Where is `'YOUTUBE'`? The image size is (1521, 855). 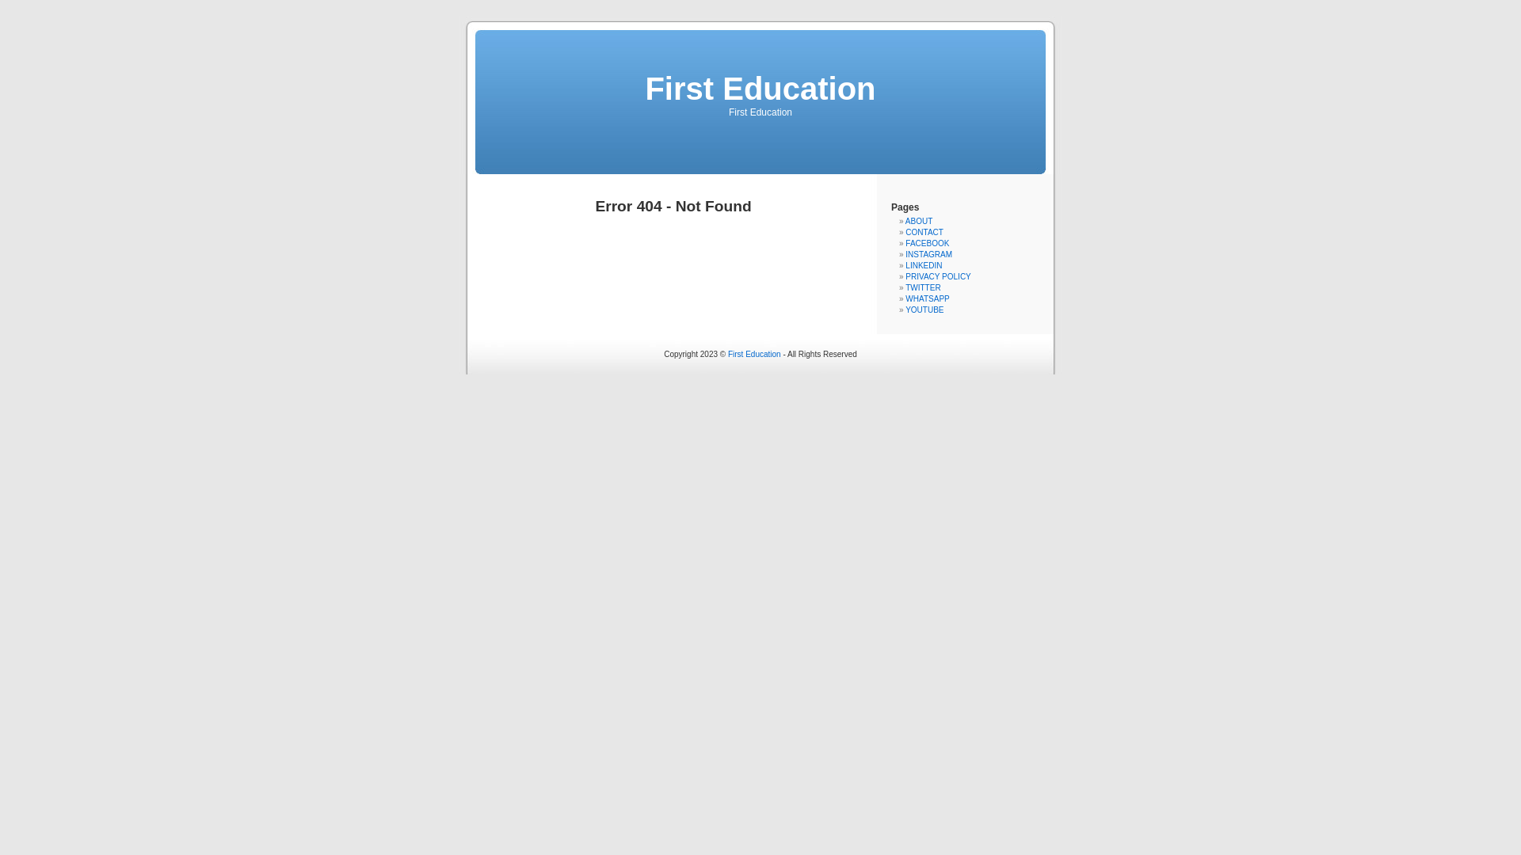
'YOUTUBE' is located at coordinates (924, 310).